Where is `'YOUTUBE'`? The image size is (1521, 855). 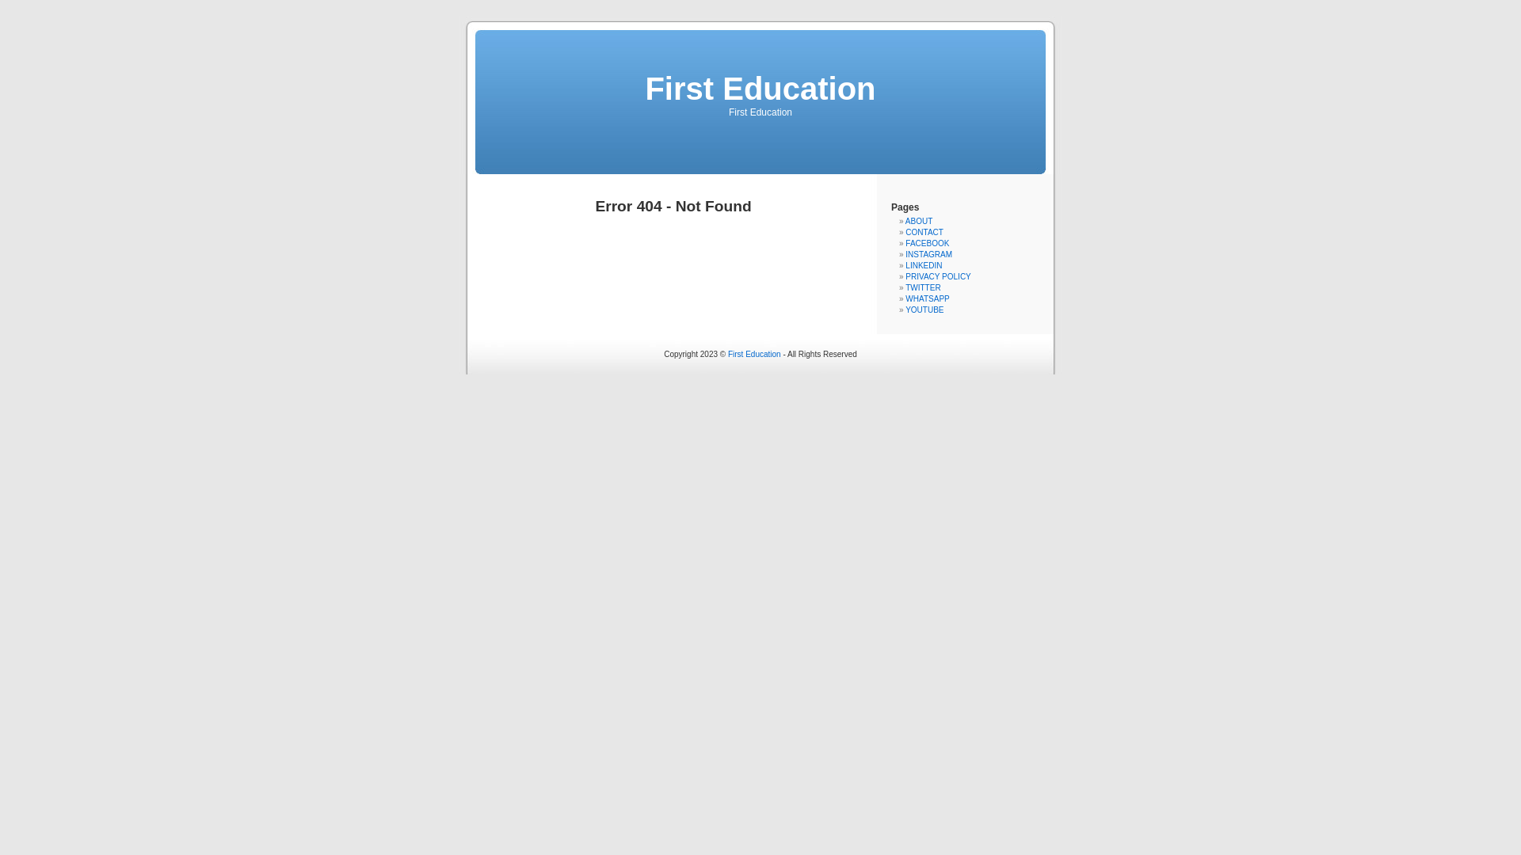
'YOUTUBE' is located at coordinates (924, 310).